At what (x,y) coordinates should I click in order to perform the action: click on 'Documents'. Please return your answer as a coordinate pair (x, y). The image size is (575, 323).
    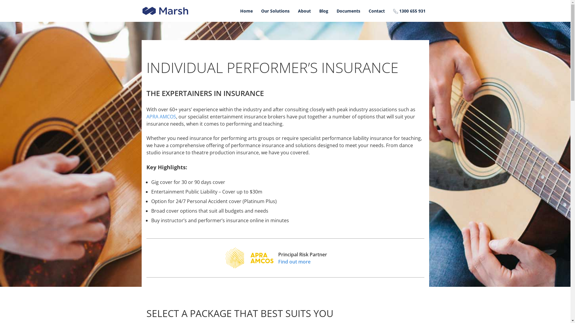
    Looking at the image, I should click on (348, 11).